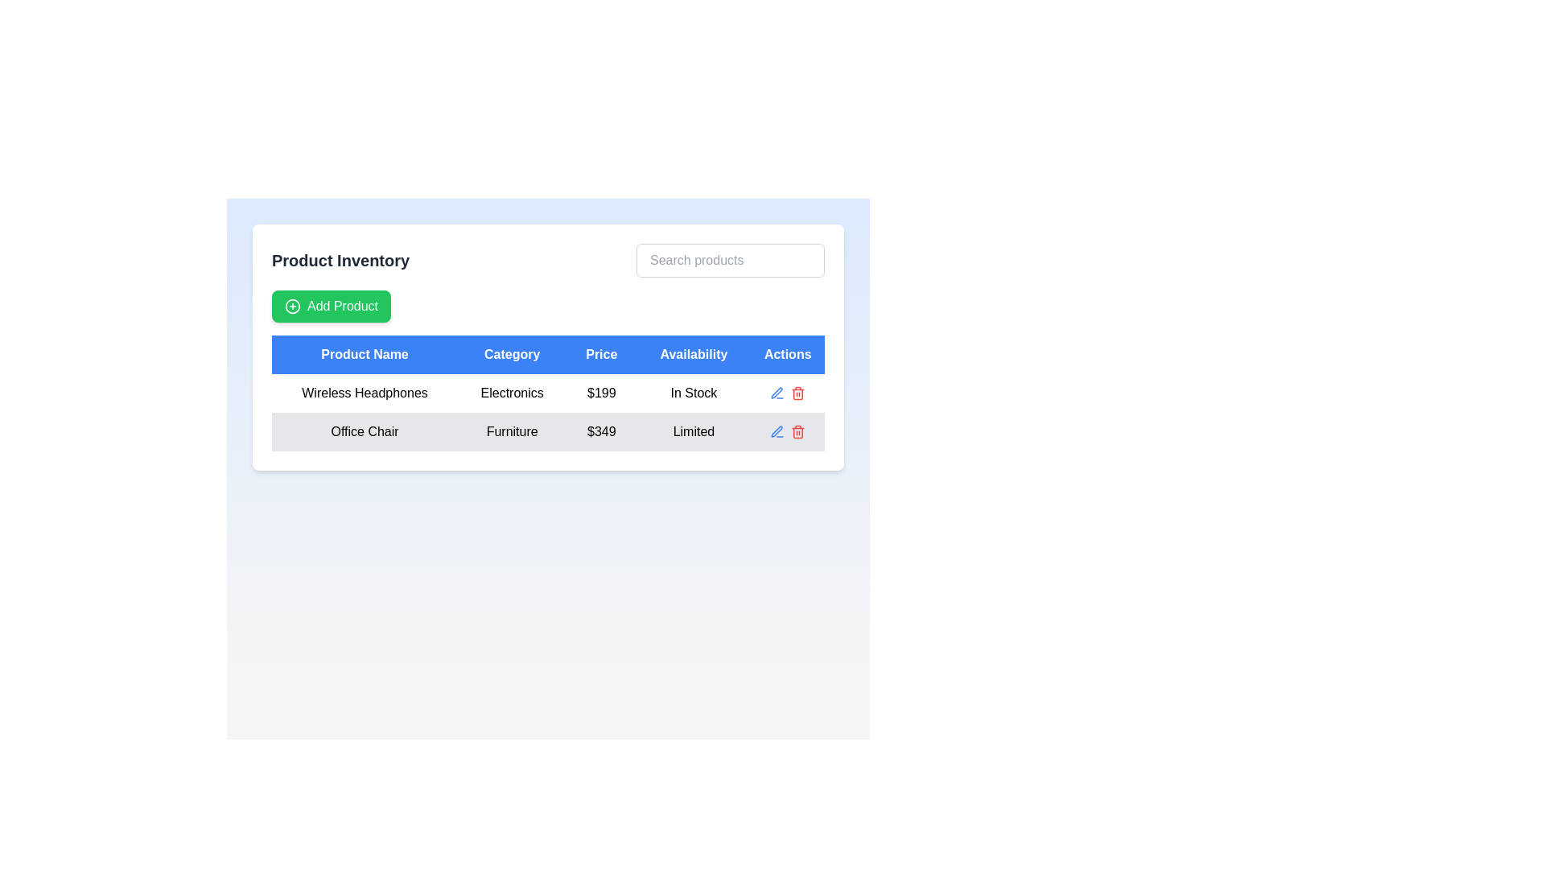  Describe the element at coordinates (694, 393) in the screenshot. I see `the text element that indicates the stock availability status of the product in the first row of the table, located under the 'Availability' column, directly following the price '$199'` at that location.